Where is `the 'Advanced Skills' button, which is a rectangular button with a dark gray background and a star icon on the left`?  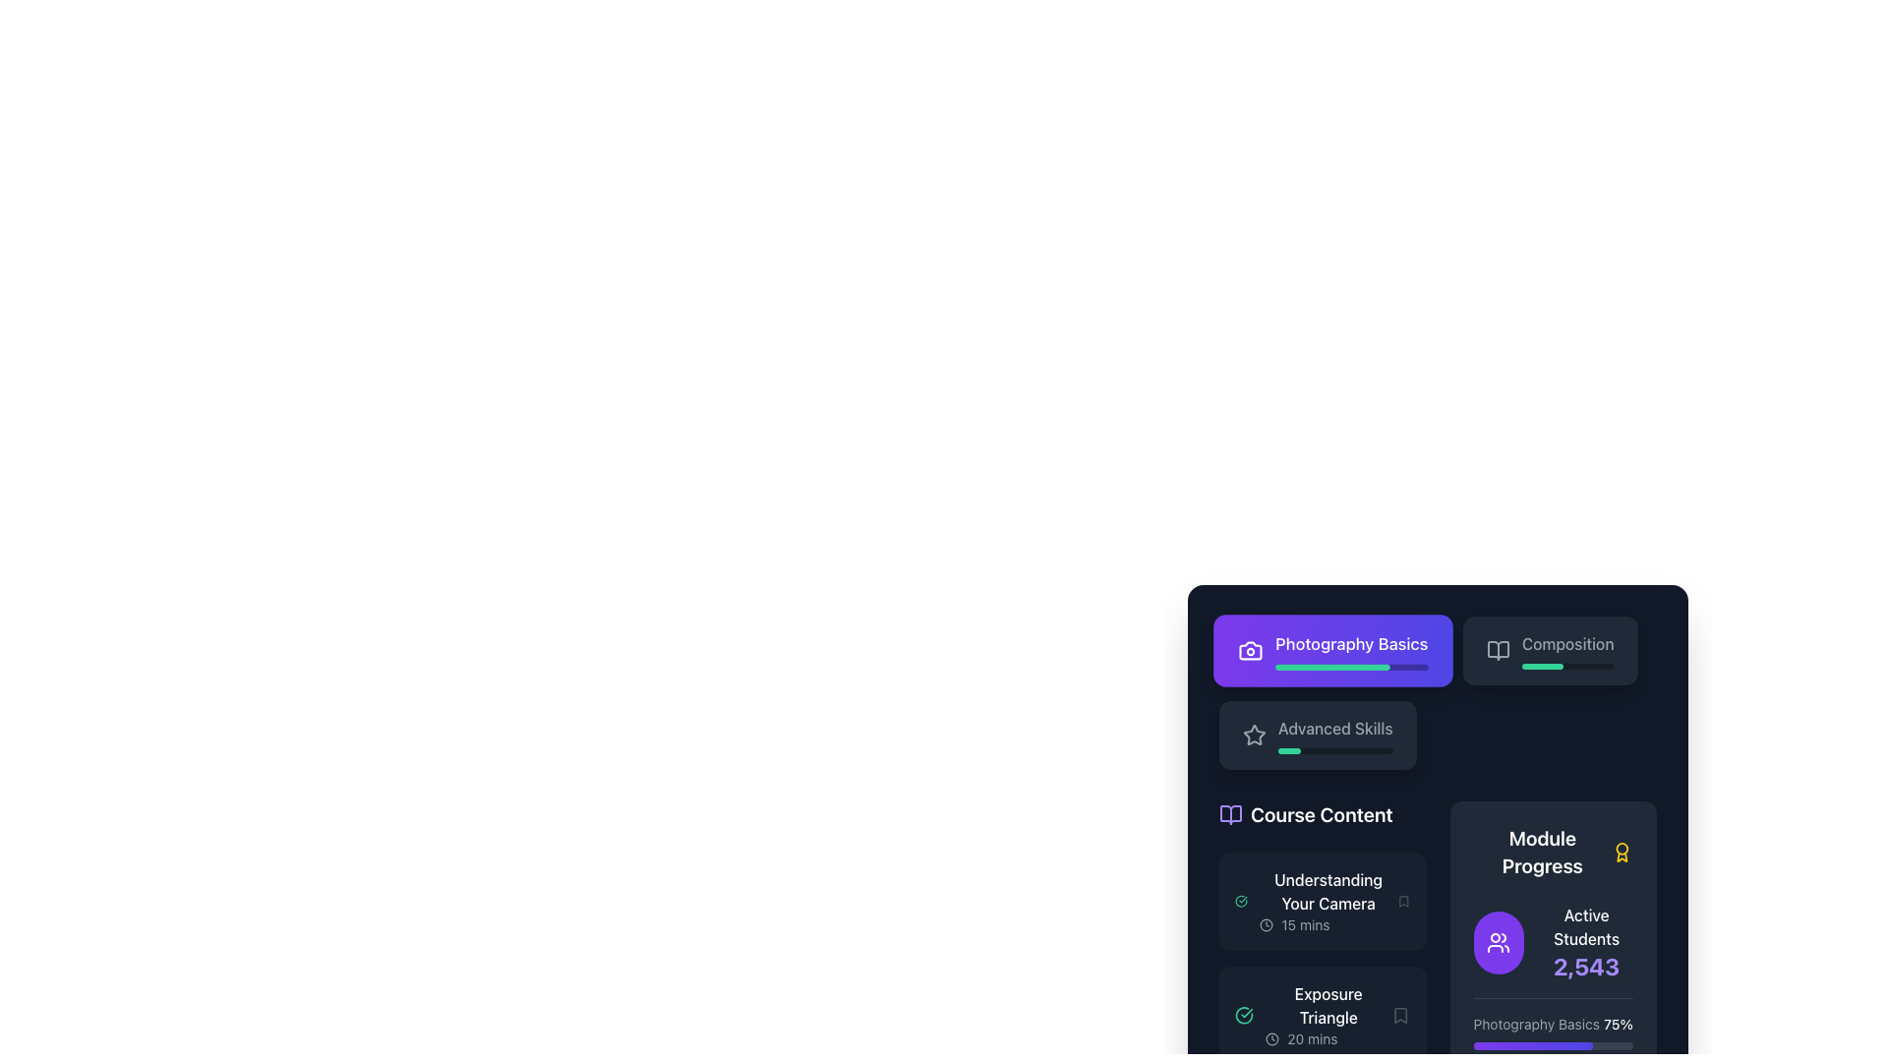
the 'Advanced Skills' button, which is a rectangular button with a dark gray background and a star icon on the left is located at coordinates (1318, 736).